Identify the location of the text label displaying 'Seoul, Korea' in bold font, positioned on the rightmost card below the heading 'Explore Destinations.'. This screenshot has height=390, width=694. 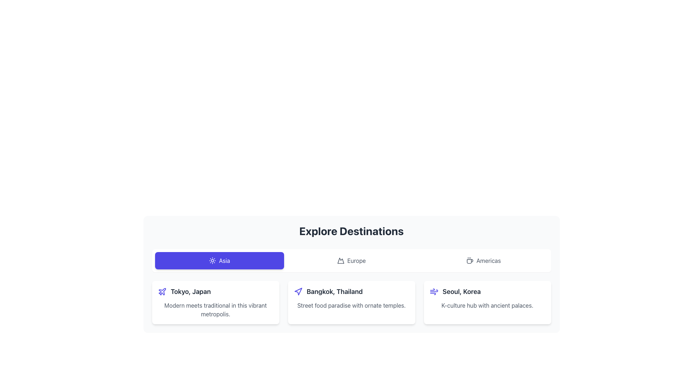
(461, 291).